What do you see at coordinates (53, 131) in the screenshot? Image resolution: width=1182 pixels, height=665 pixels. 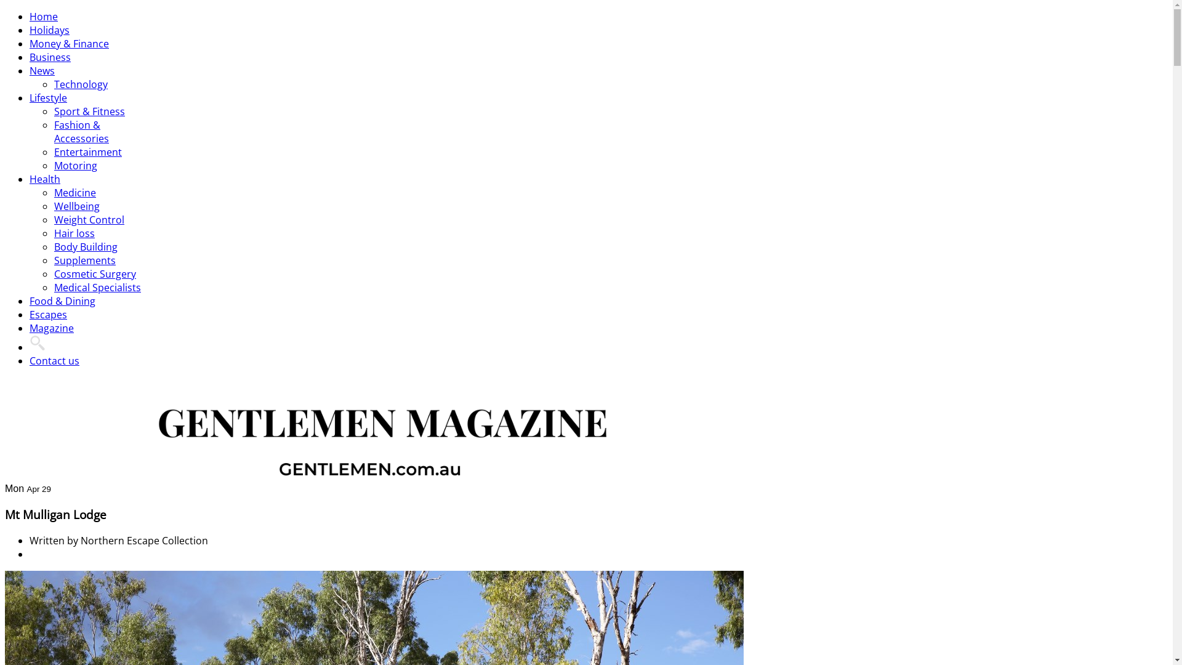 I see `'Fashion & Accessories'` at bounding box center [53, 131].